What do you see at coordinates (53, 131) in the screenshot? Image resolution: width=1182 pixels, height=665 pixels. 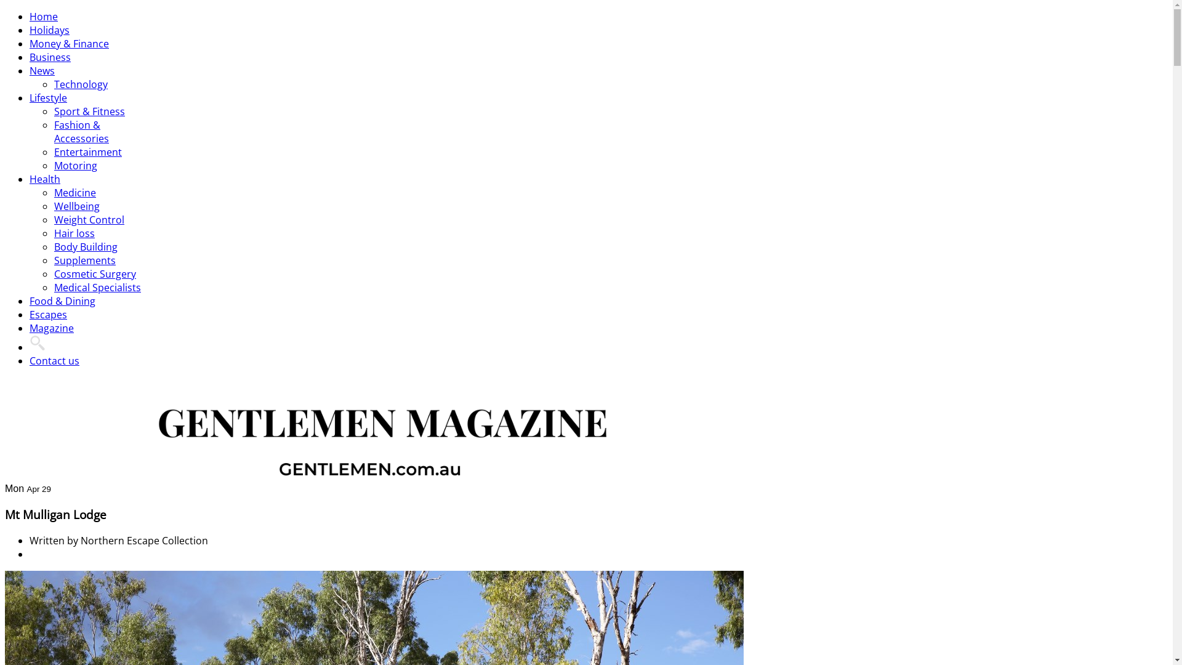 I see `'Fashion & Accessories'` at bounding box center [53, 131].